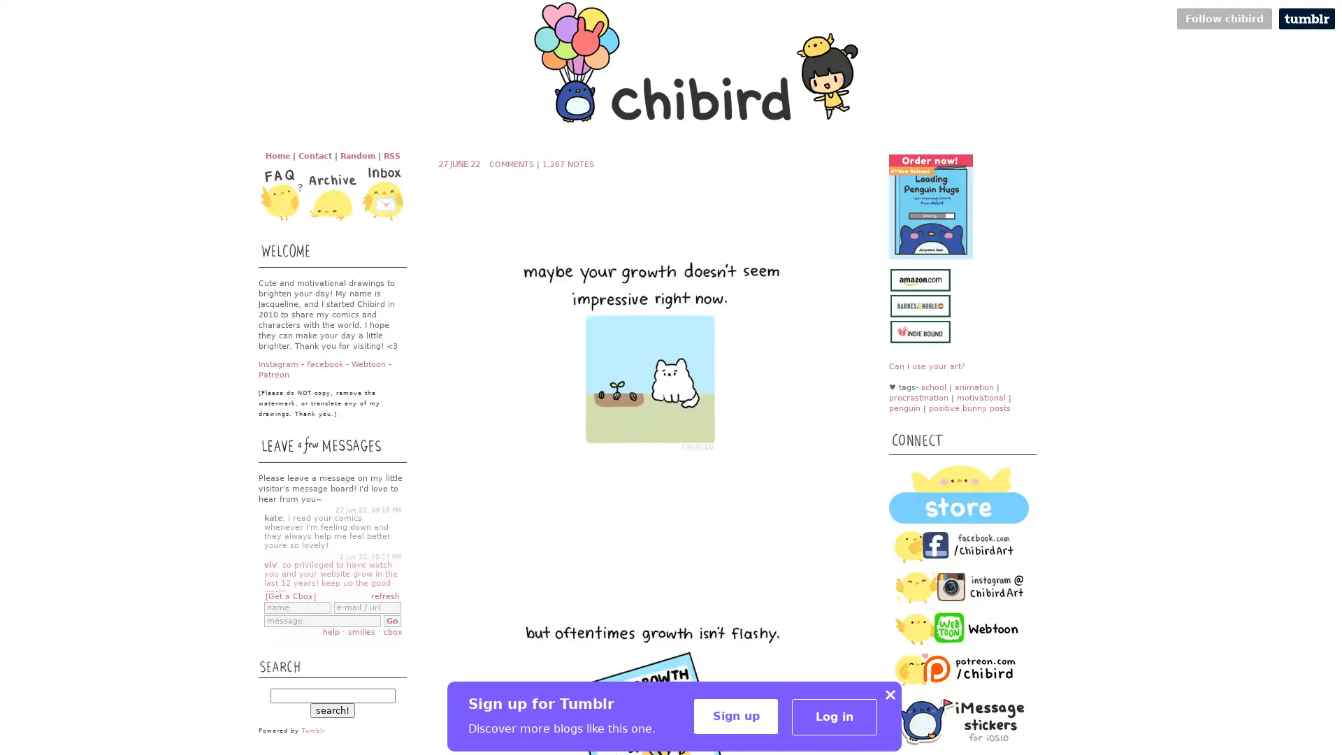 This screenshot has height=755, width=1342. I want to click on search!, so click(331, 710).